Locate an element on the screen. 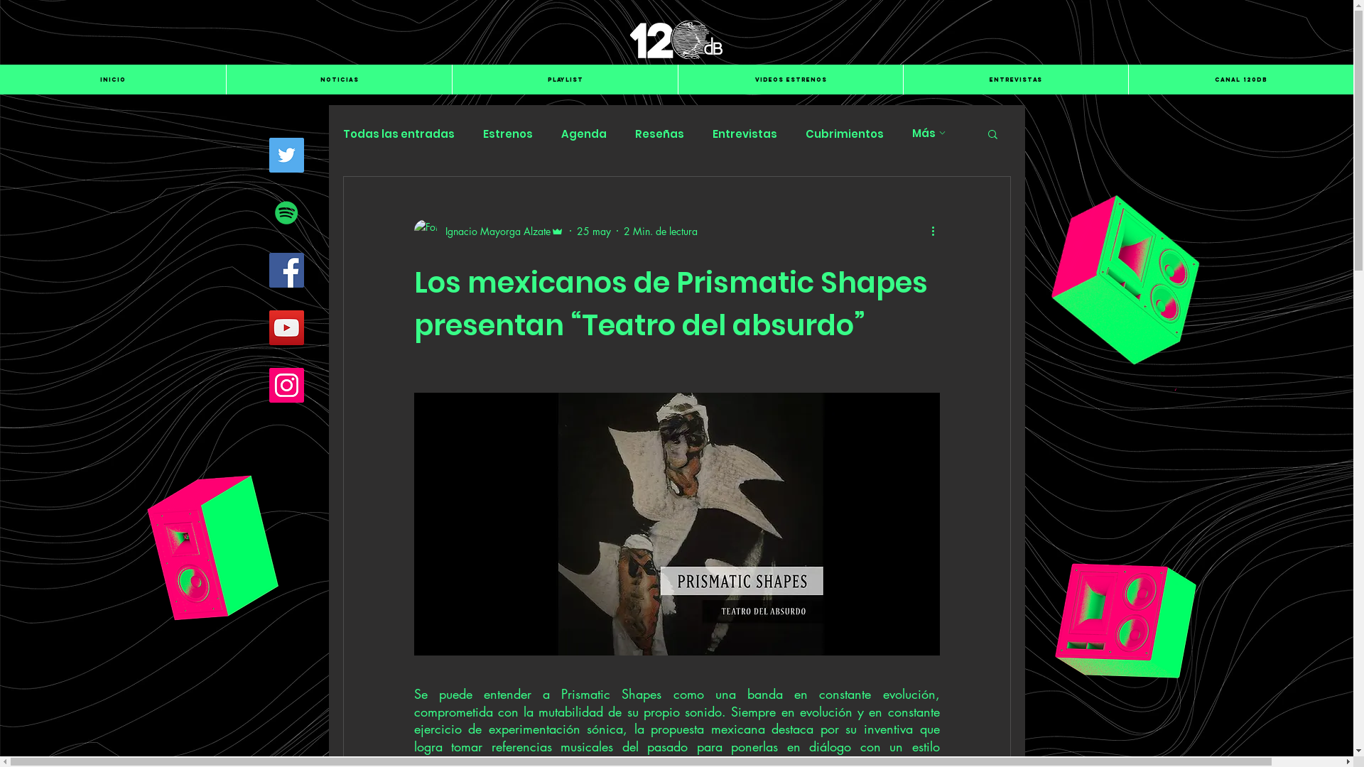 Image resolution: width=1364 pixels, height=767 pixels. 'VIDEOS ESTRENOS' is located at coordinates (789, 79).